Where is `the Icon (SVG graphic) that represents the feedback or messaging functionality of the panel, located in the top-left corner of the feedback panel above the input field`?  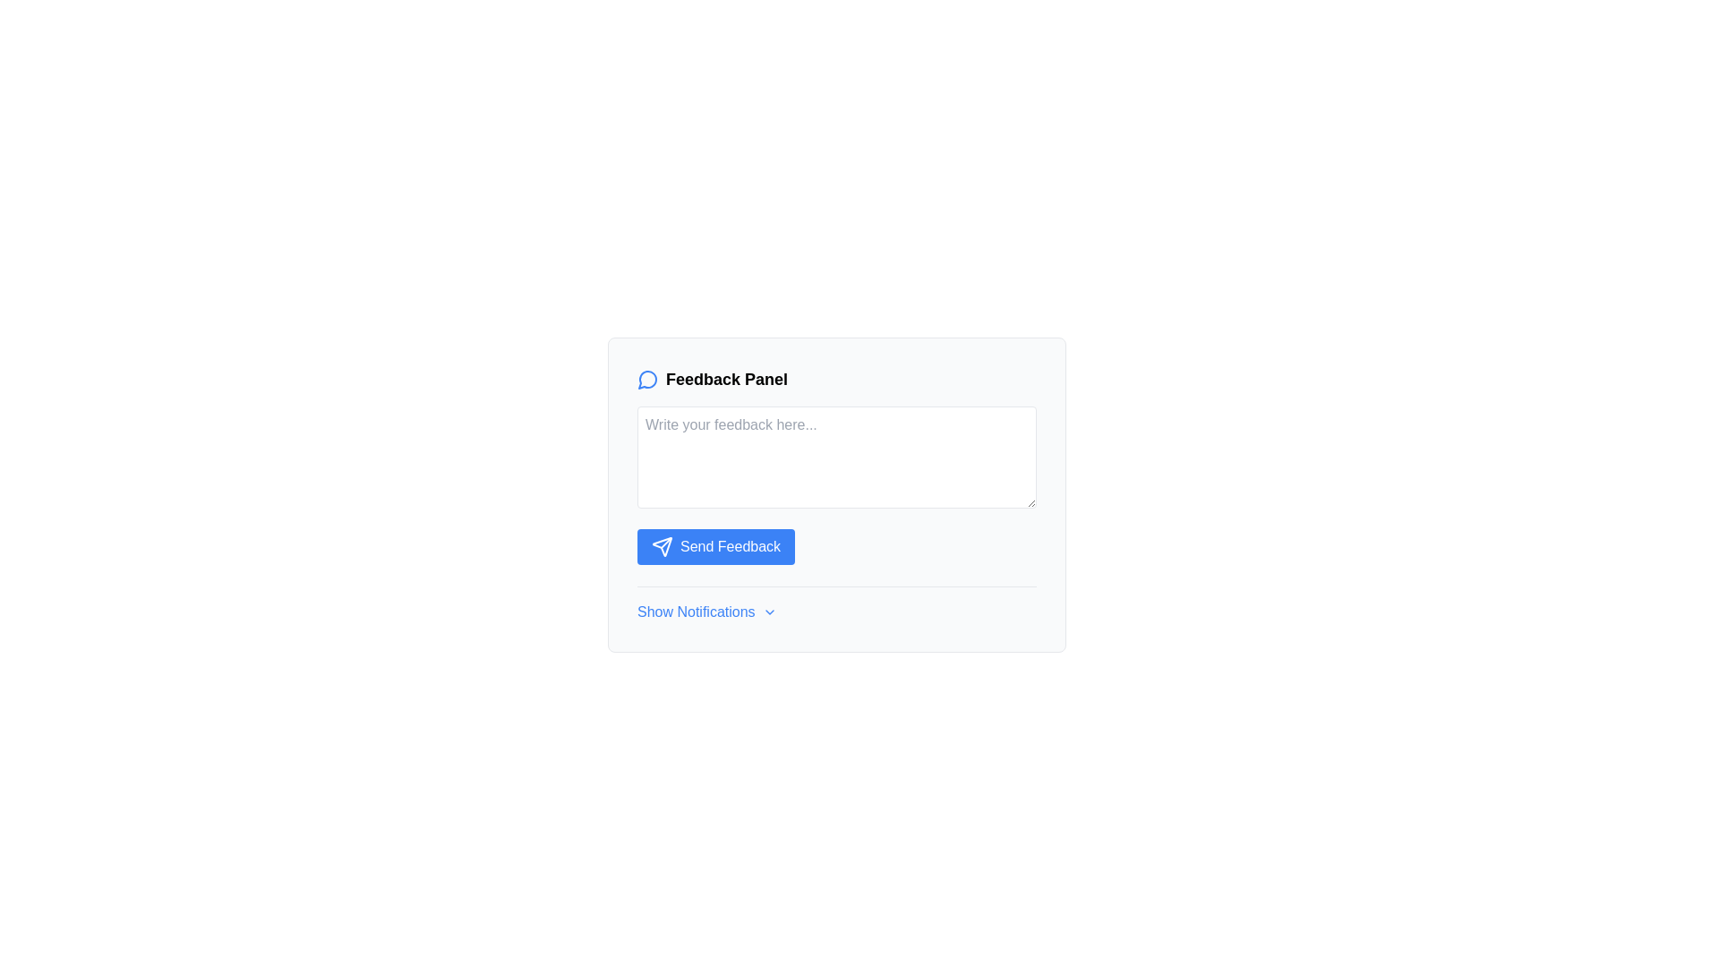 the Icon (SVG graphic) that represents the feedback or messaging functionality of the panel, located in the top-left corner of the feedback panel above the input field is located at coordinates (646, 379).